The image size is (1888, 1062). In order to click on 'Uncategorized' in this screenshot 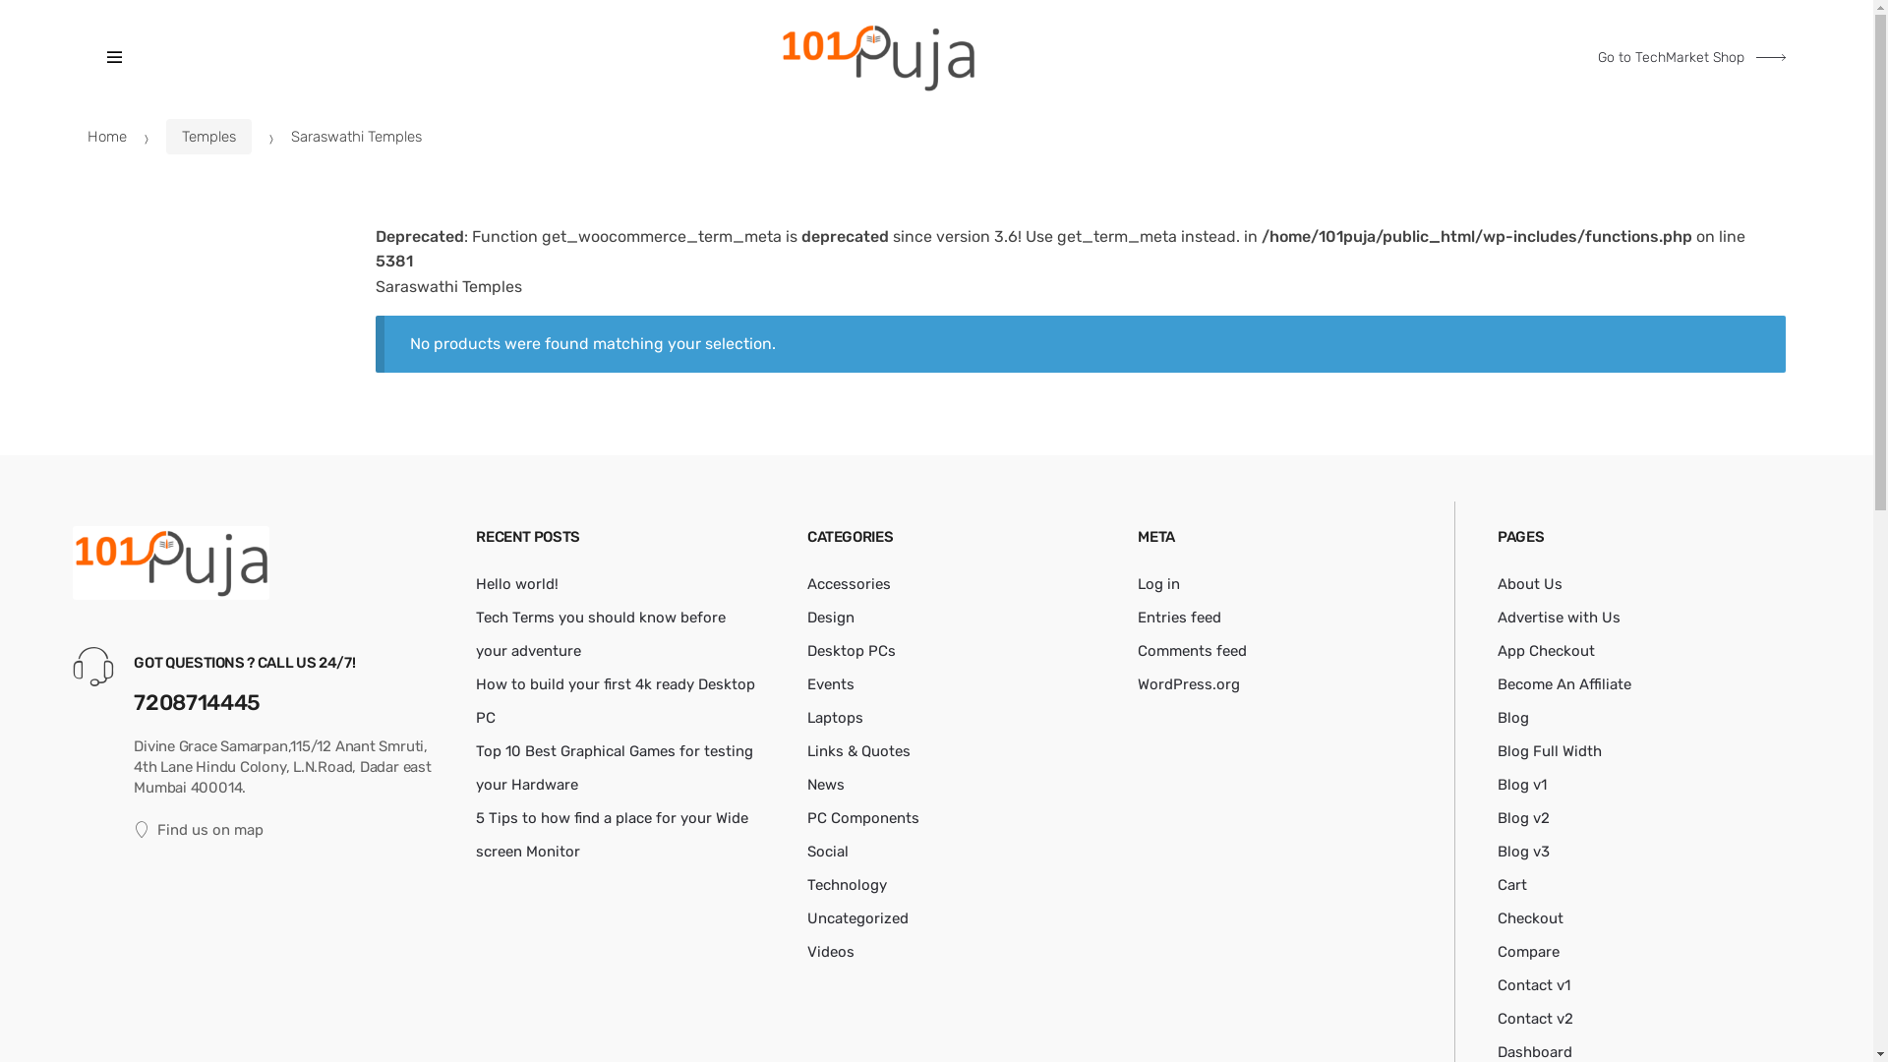, I will do `click(857, 917)`.